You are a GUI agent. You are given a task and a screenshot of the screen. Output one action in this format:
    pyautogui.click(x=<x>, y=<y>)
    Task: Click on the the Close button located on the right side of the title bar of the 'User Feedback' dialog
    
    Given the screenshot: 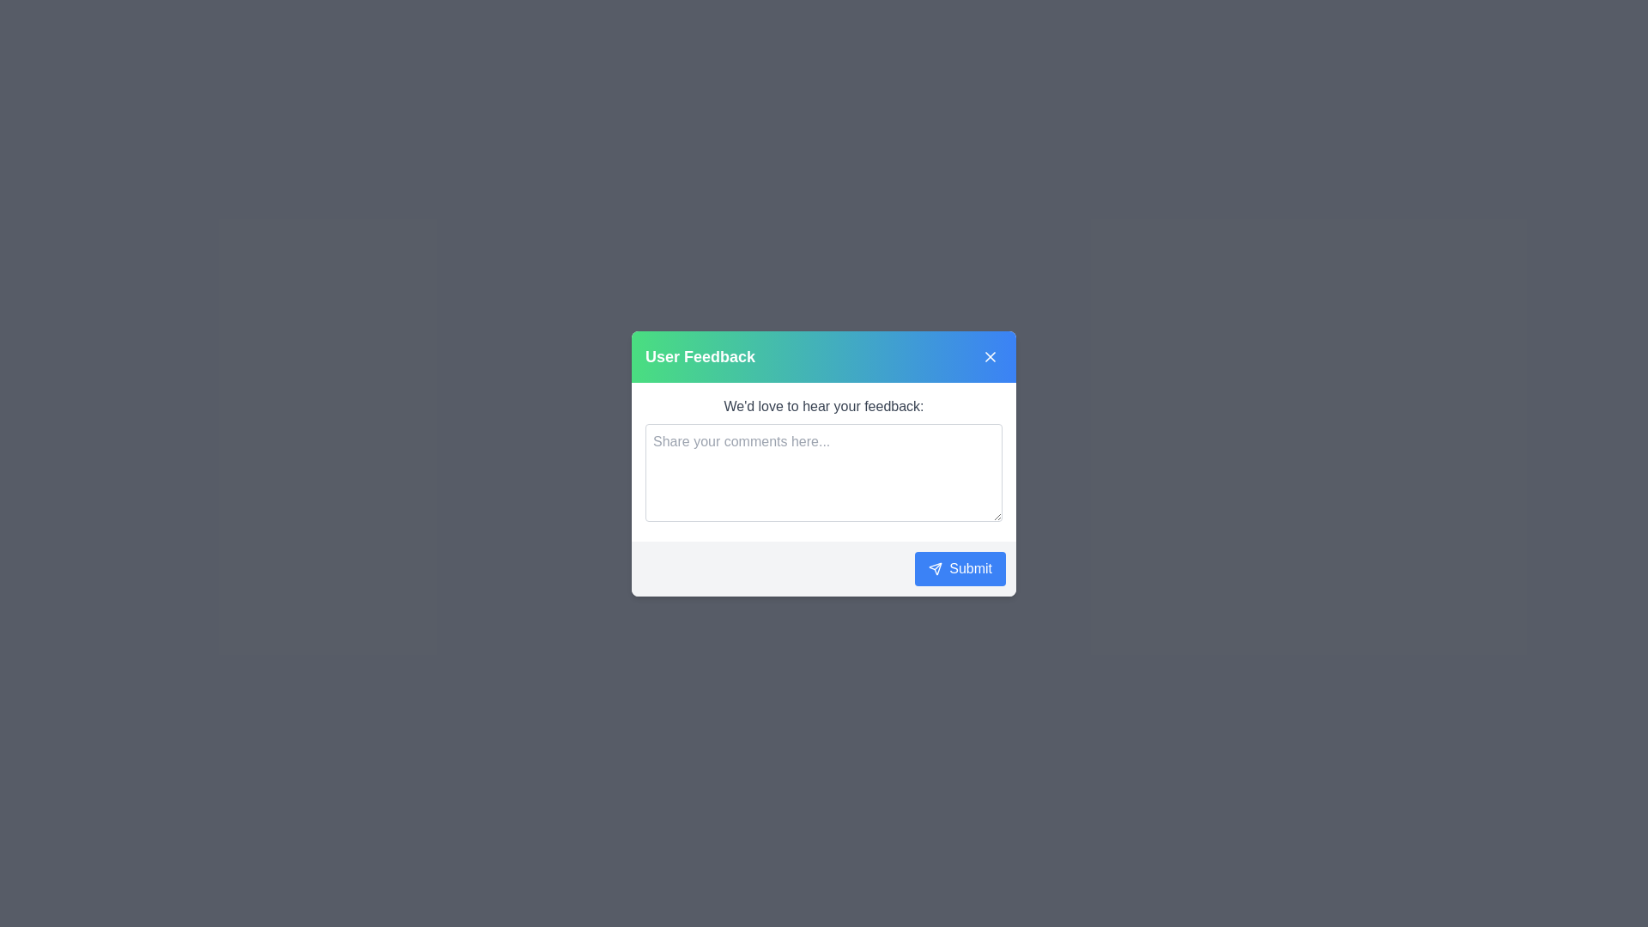 What is the action you would take?
    pyautogui.click(x=990, y=355)
    